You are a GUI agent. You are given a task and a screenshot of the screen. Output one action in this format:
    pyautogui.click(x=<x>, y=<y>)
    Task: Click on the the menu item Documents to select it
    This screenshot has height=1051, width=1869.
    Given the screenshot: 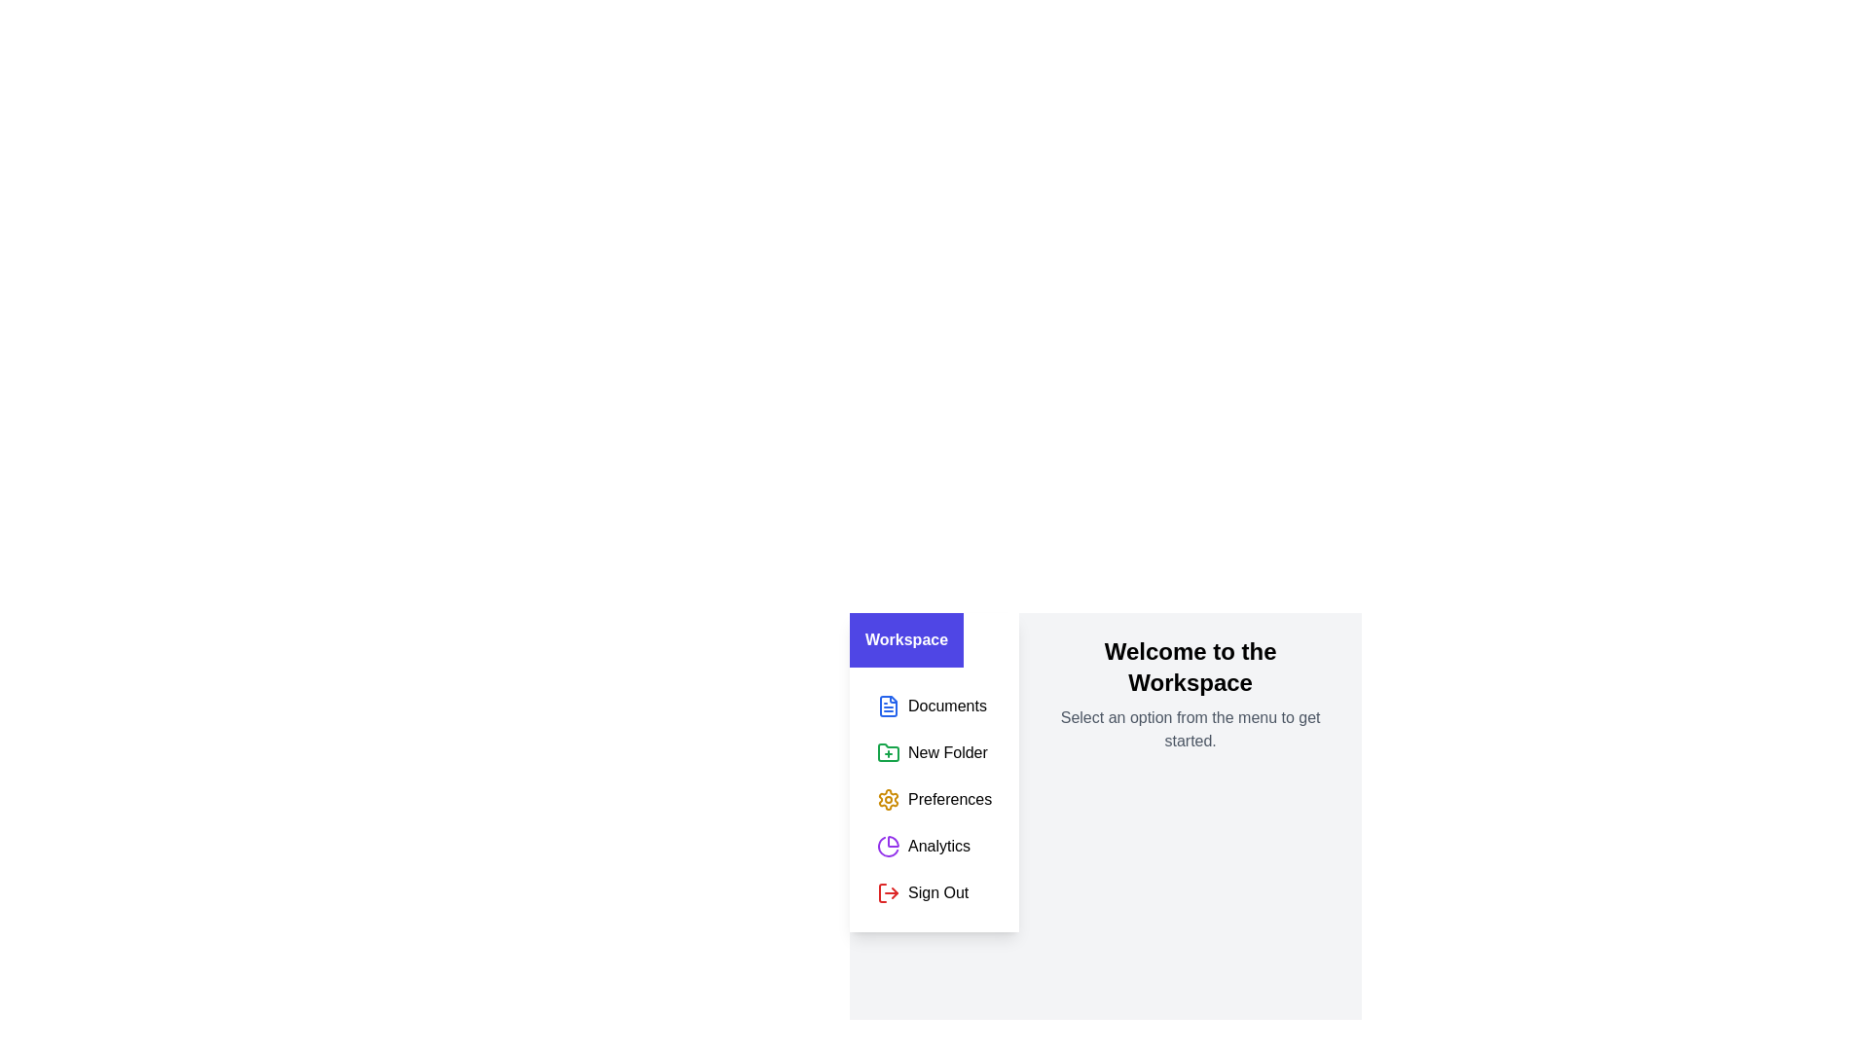 What is the action you would take?
    pyautogui.click(x=934, y=706)
    